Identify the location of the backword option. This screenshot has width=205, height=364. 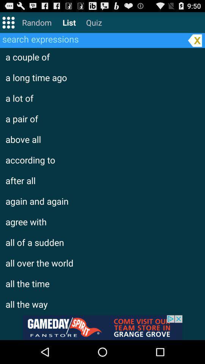
(195, 40).